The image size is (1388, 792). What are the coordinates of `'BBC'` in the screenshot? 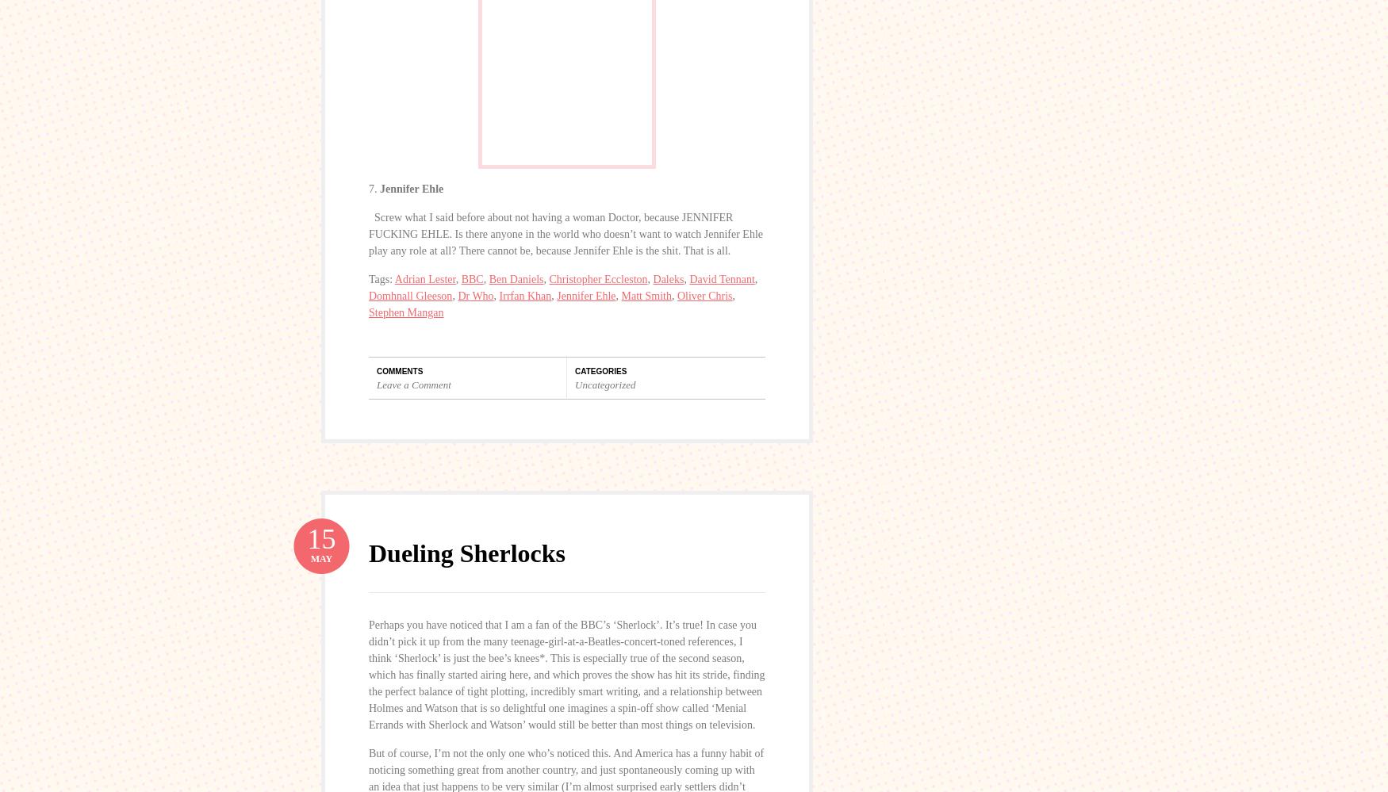 It's located at (472, 278).